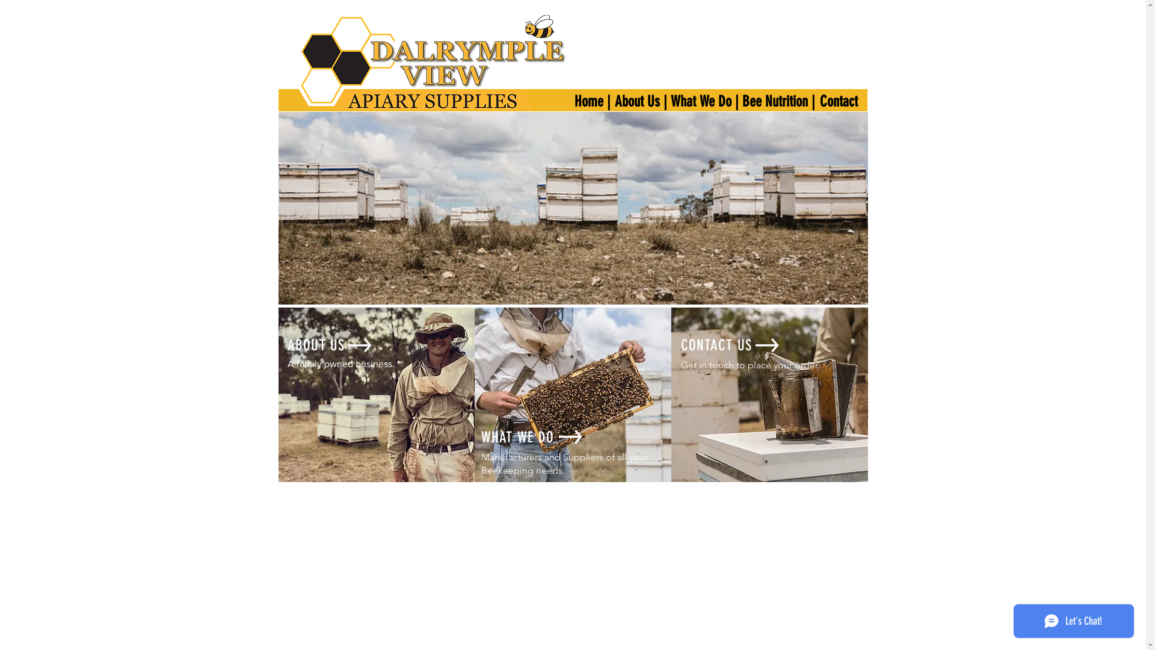 The width and height of the screenshot is (1155, 650). I want to click on 'WHAT WE DO', so click(517, 437).